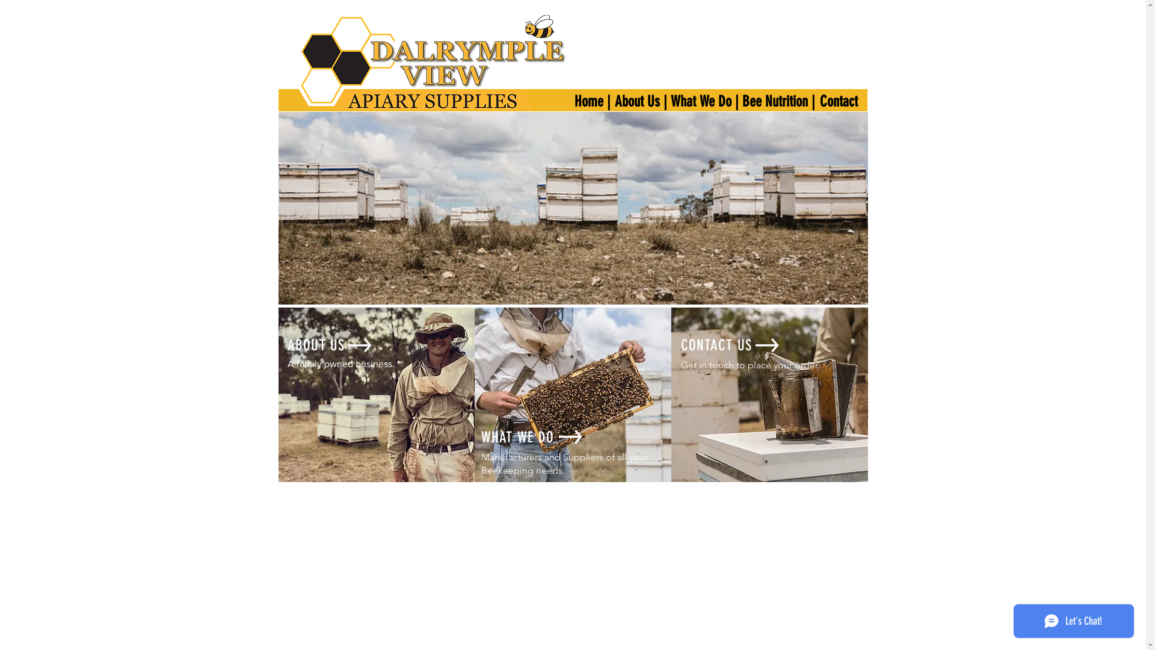 The width and height of the screenshot is (1155, 650). I want to click on 'WHAT WE DO', so click(517, 437).